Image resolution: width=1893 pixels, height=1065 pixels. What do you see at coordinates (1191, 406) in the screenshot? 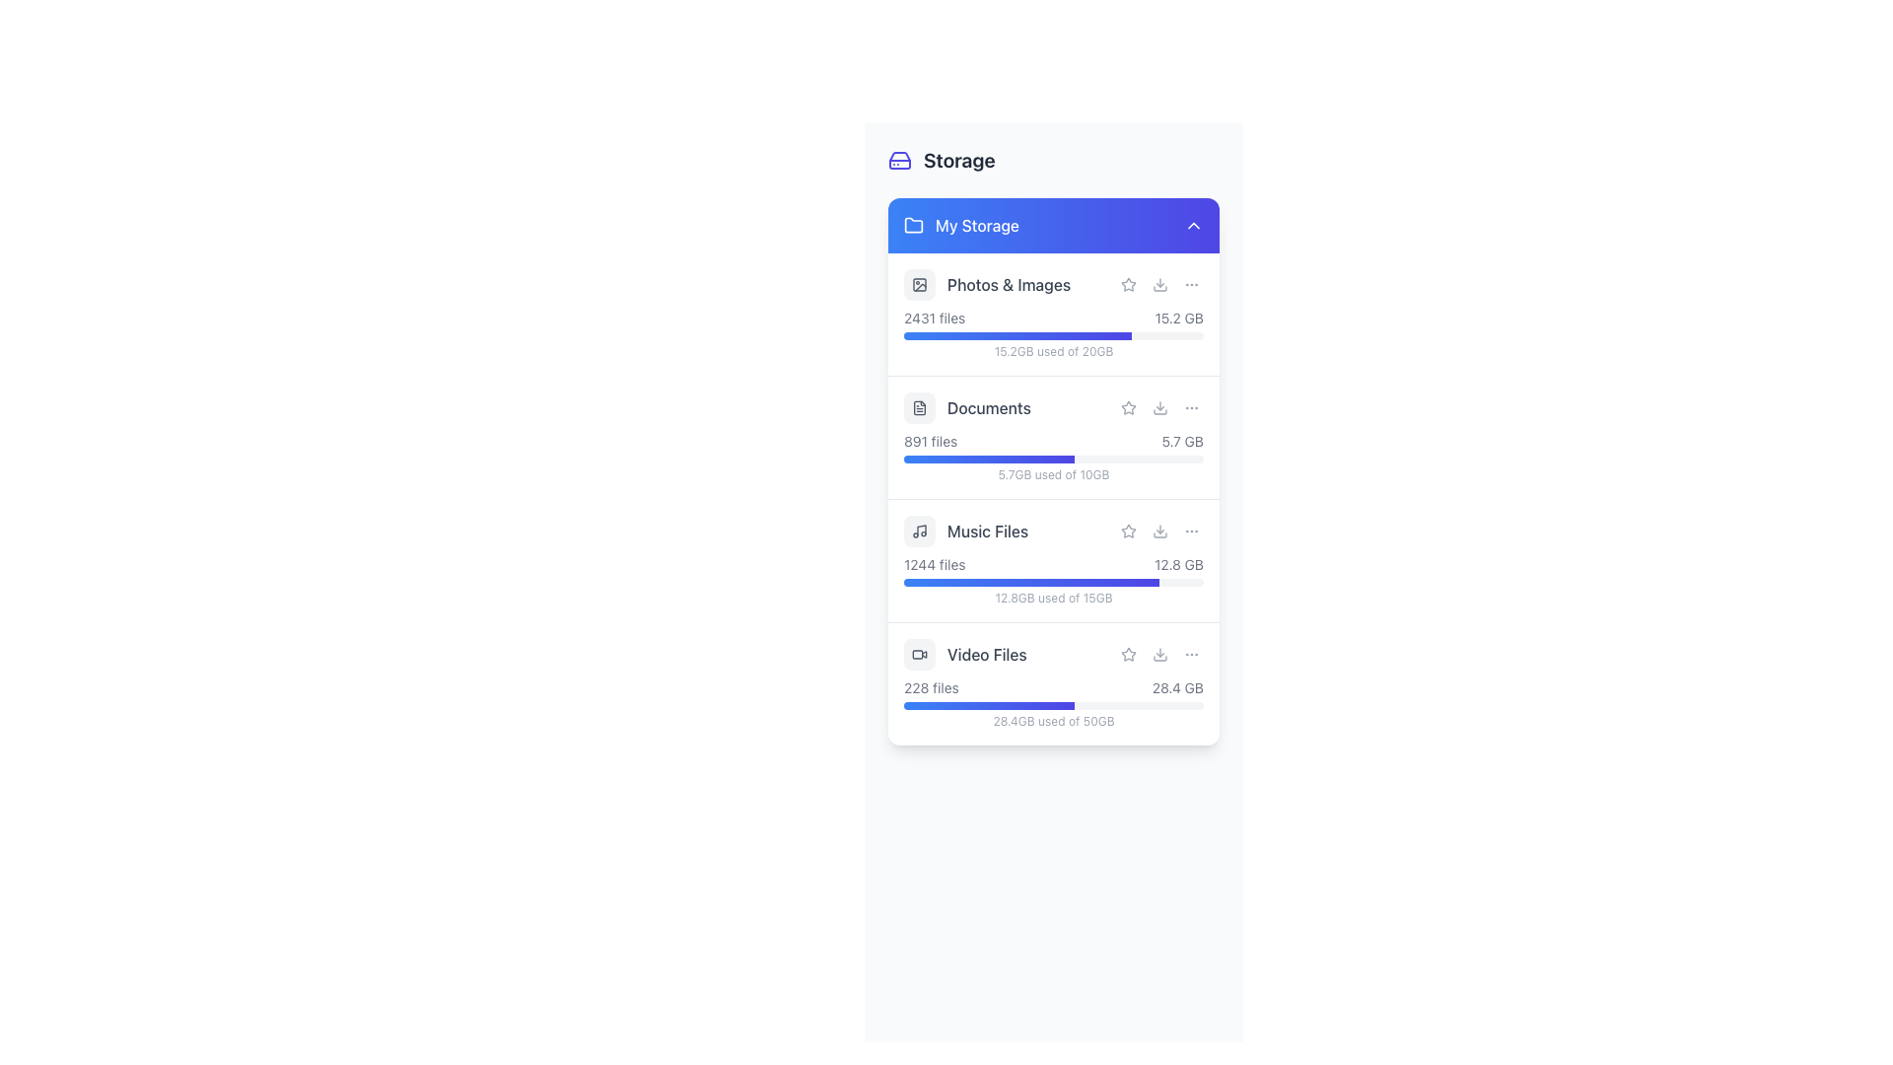
I see `the options button located in the 'Documents' section under 'My Storage', which is the third button after the star and download icons, to observe its hover effect` at bounding box center [1191, 406].